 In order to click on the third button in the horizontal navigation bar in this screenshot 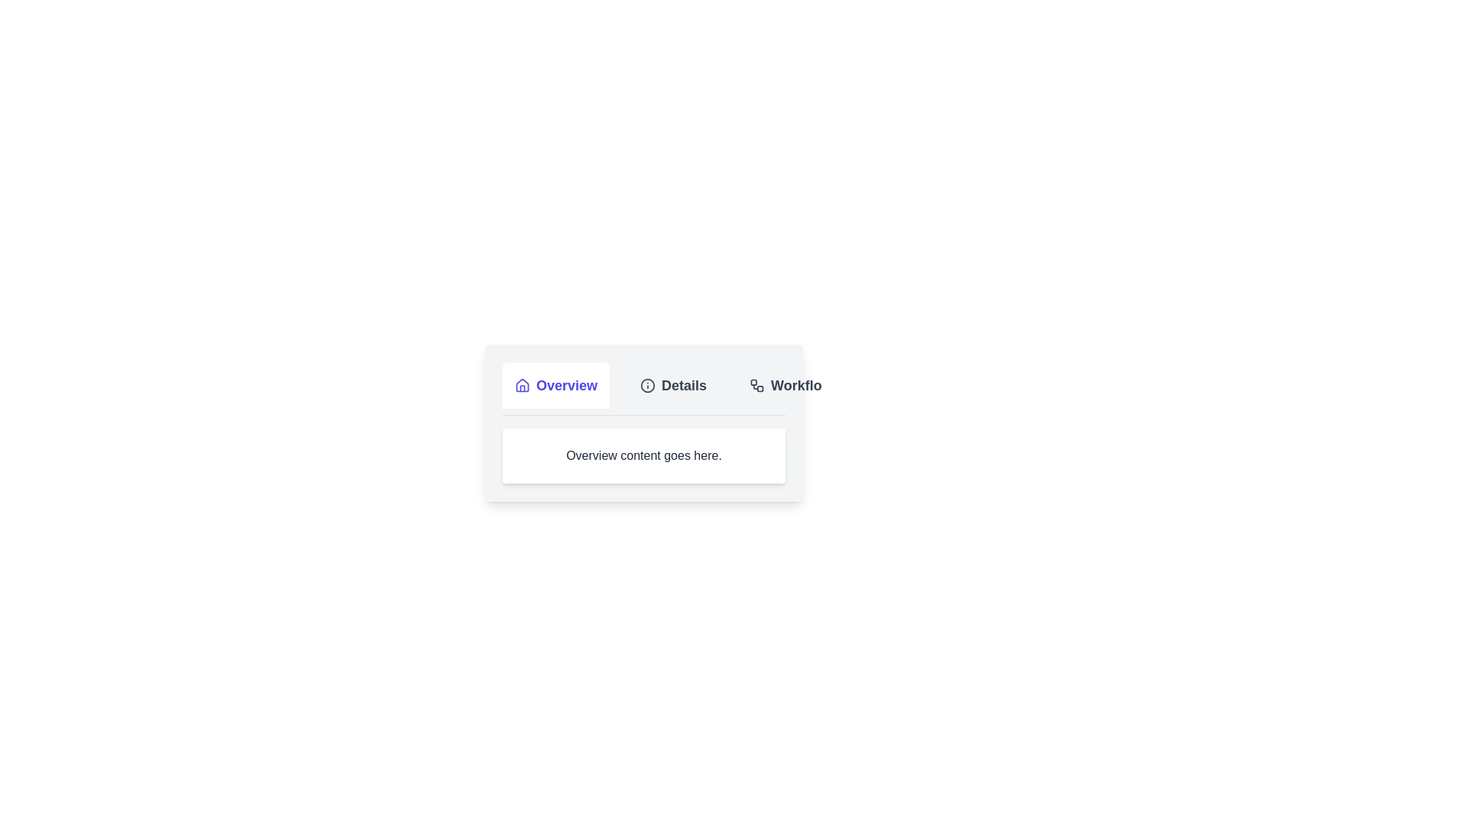, I will do `click(791, 385)`.